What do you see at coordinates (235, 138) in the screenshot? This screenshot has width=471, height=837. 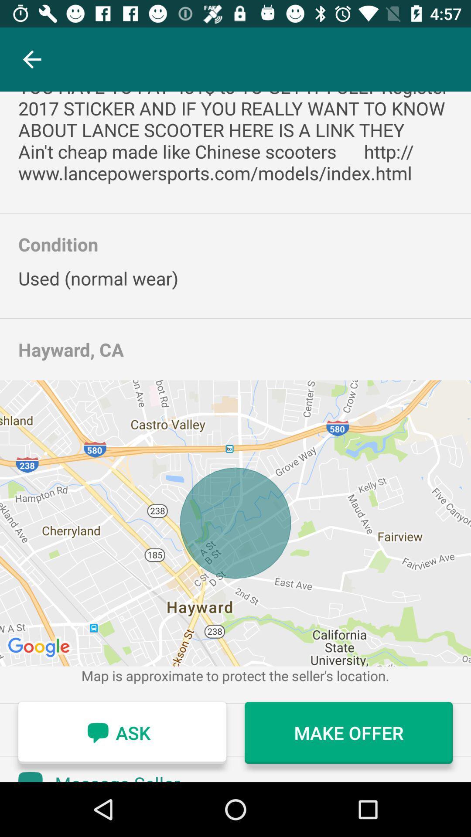 I see `icon above condition item` at bounding box center [235, 138].